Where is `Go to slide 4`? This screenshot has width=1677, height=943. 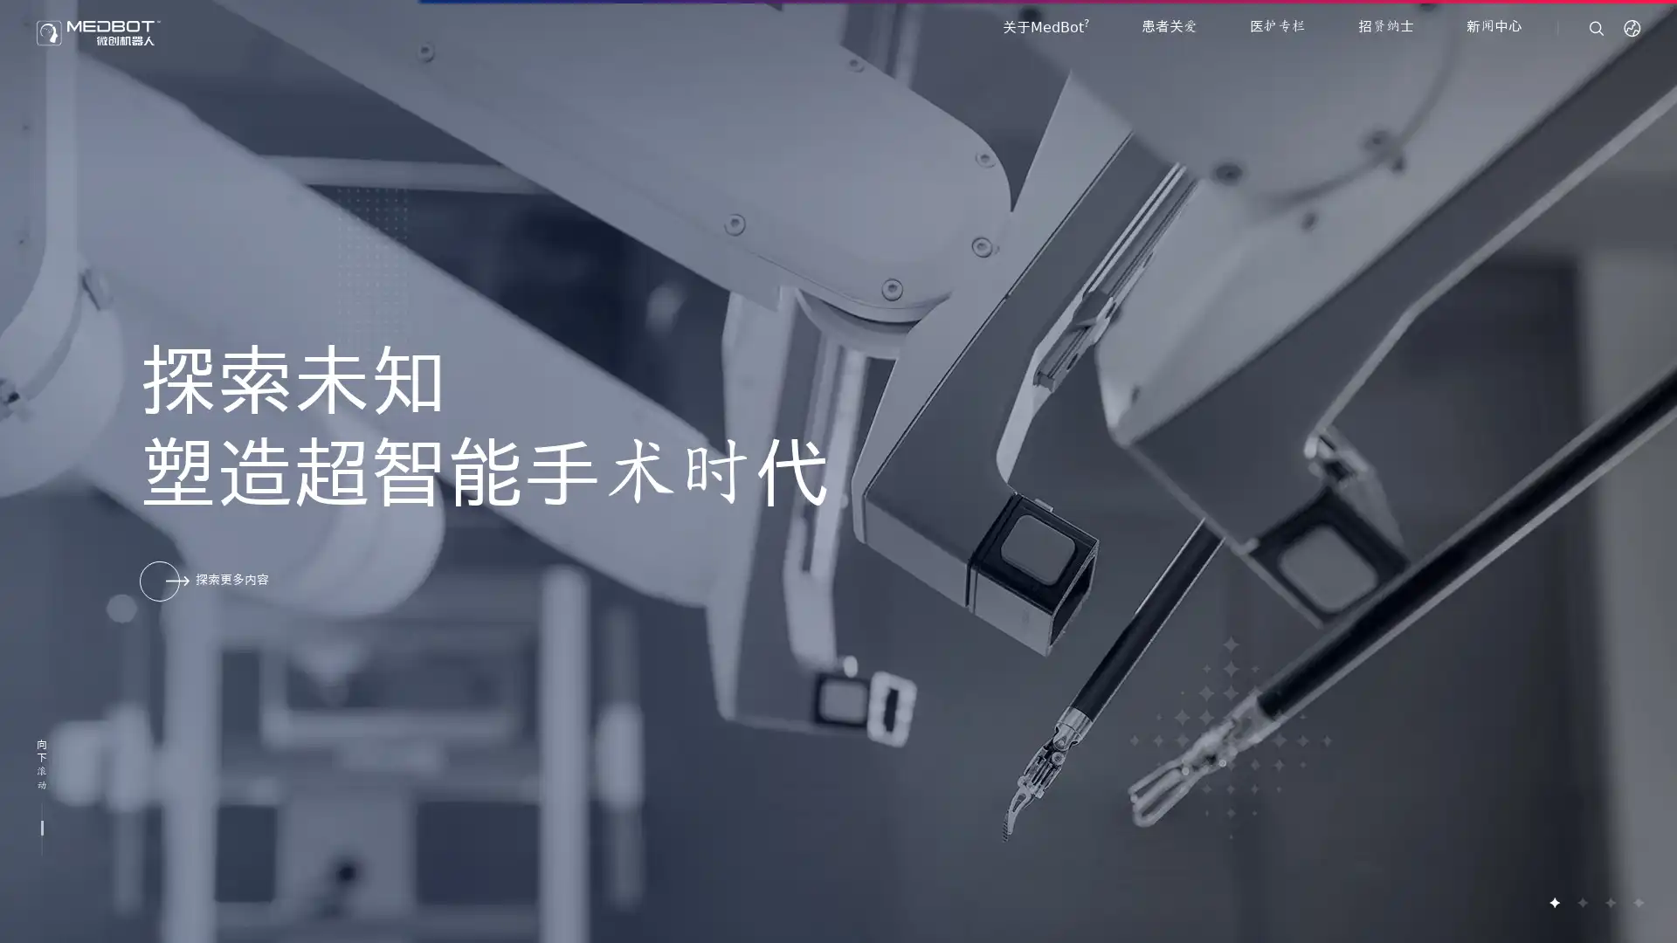 Go to slide 4 is located at coordinates (1637, 902).